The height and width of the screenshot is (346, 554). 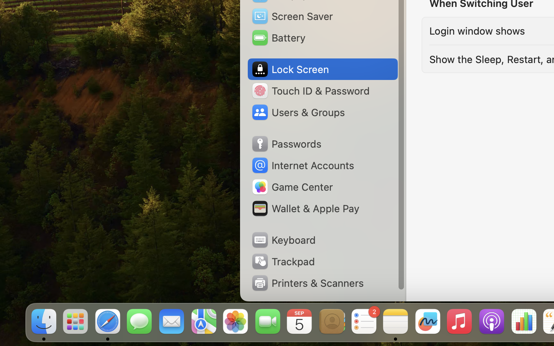 I want to click on 'Login window shows', so click(x=476, y=30).